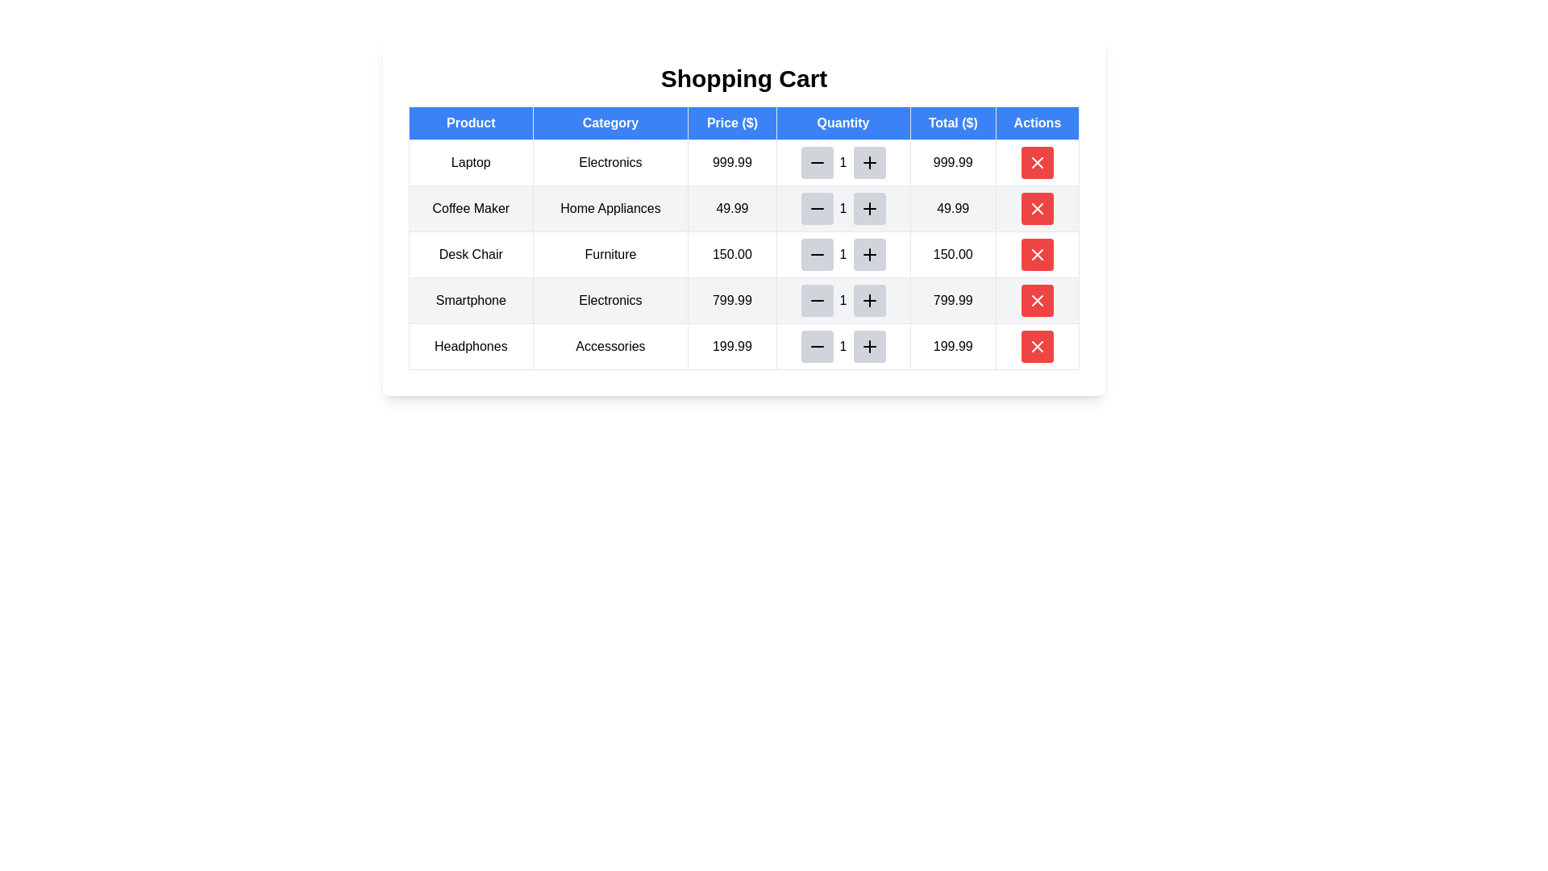 This screenshot has height=871, width=1548. Describe the element at coordinates (868, 301) in the screenshot. I see `the plus button located in the Quantity column for the fourth row representing the item Smartphone in the shopping cart table, which is situated to the right of the number '1' input field` at that location.